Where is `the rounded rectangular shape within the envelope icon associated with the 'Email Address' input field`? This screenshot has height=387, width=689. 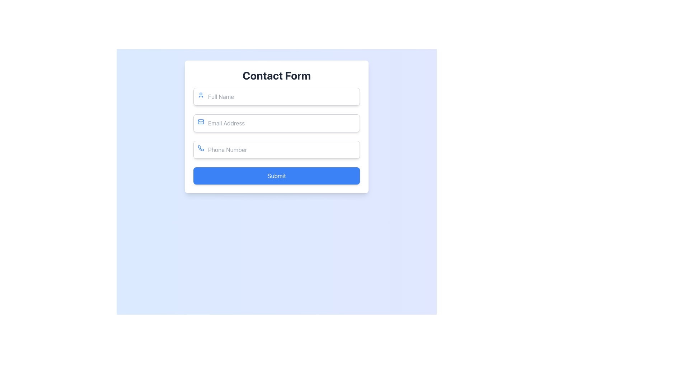
the rounded rectangular shape within the envelope icon associated with the 'Email Address' input field is located at coordinates (201, 121).